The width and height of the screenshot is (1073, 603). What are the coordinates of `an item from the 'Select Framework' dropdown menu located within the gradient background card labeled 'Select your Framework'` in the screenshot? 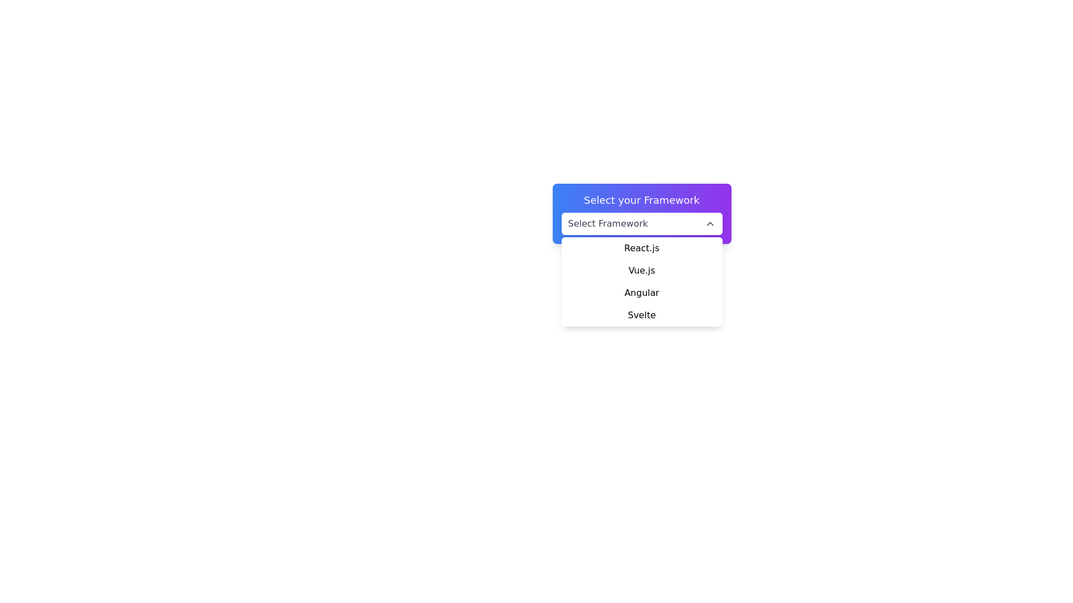 It's located at (642, 213).